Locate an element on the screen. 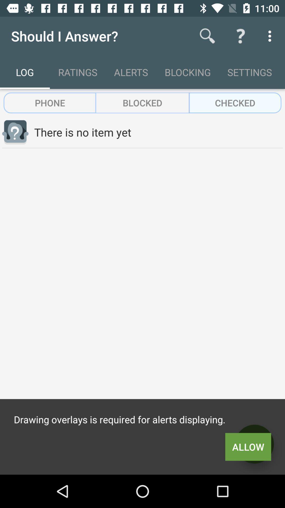 The height and width of the screenshot is (508, 285). more icon on the top right corner is located at coordinates (271, 36).